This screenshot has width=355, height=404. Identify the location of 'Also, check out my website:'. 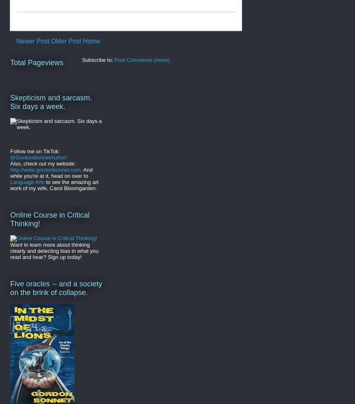
(43, 163).